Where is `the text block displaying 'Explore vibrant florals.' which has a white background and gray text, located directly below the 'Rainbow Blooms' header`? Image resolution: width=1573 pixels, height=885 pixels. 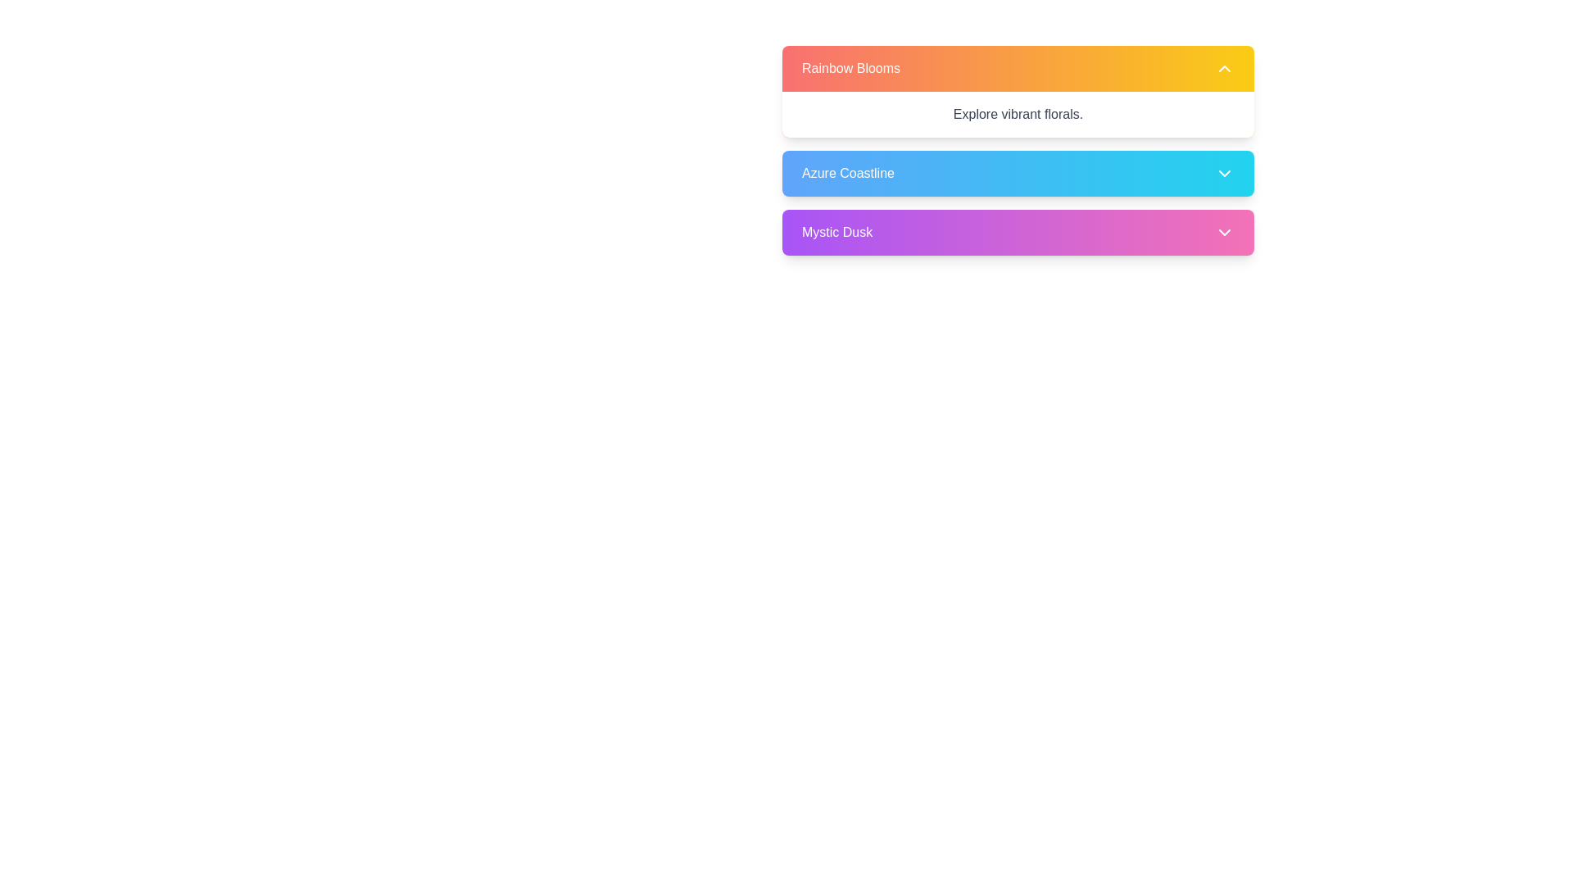
the text block displaying 'Explore vibrant florals.' which has a white background and gray text, located directly below the 'Rainbow Blooms' header is located at coordinates (1018, 113).